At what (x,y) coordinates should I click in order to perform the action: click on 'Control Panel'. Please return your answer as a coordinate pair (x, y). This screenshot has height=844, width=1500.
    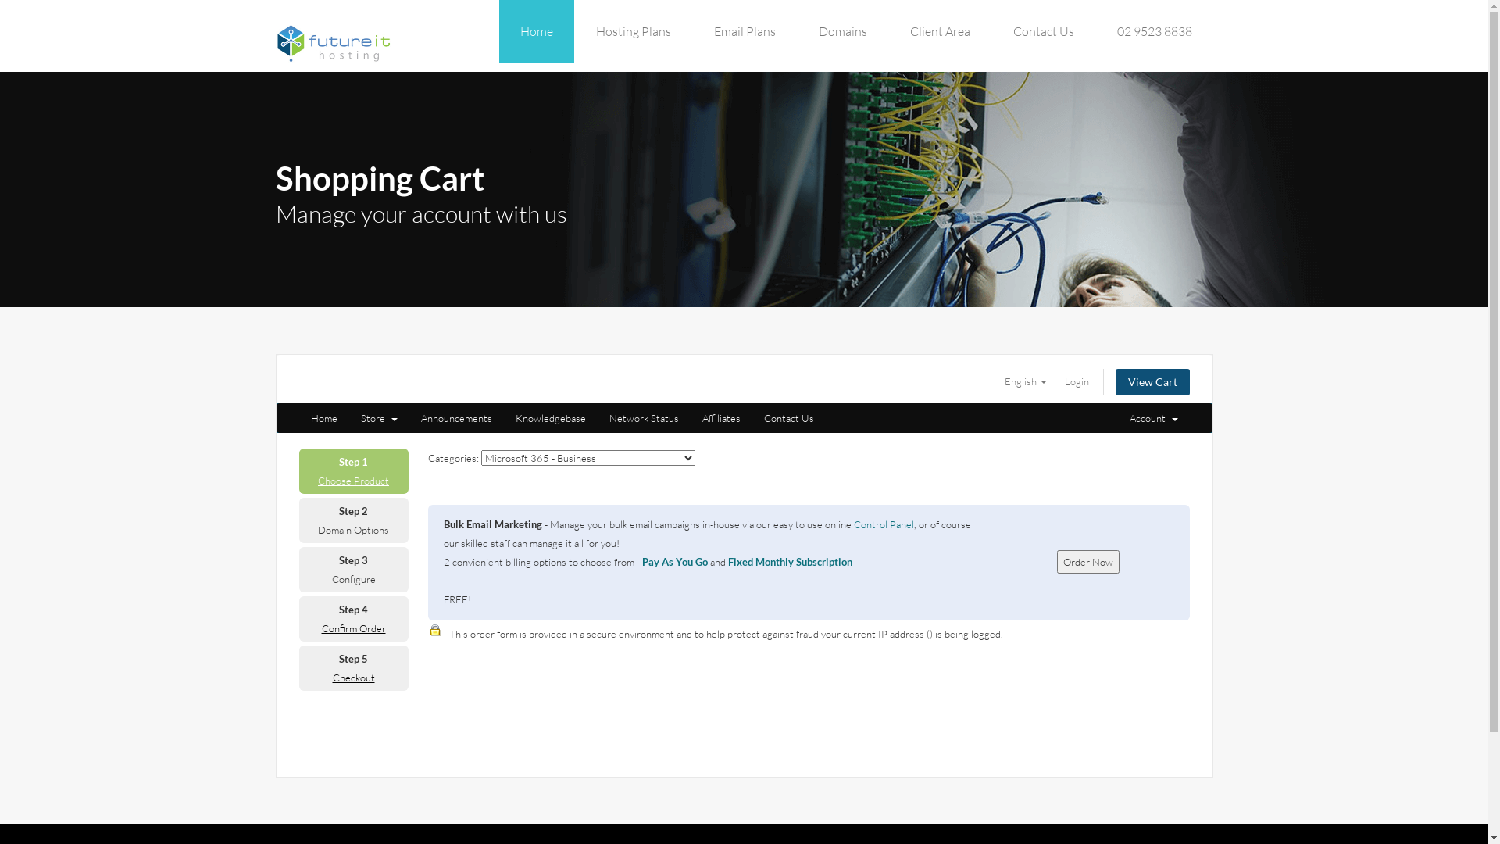
    Looking at the image, I should click on (883, 524).